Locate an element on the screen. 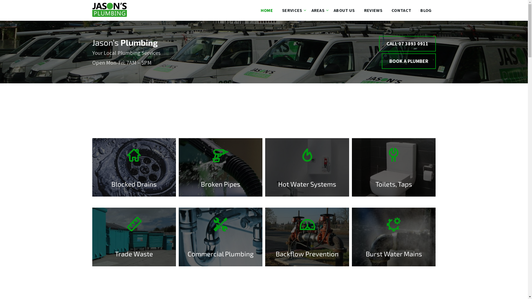 The height and width of the screenshot is (299, 532). 'CONTACT' is located at coordinates (387, 10).